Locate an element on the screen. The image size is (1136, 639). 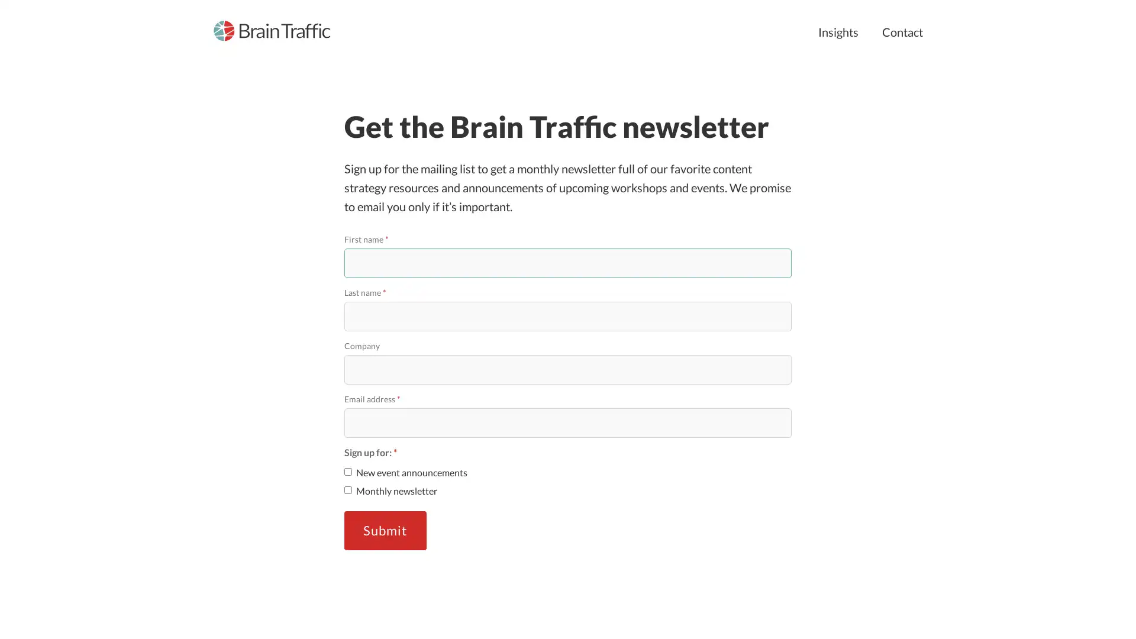
Submit is located at coordinates (381, 528).